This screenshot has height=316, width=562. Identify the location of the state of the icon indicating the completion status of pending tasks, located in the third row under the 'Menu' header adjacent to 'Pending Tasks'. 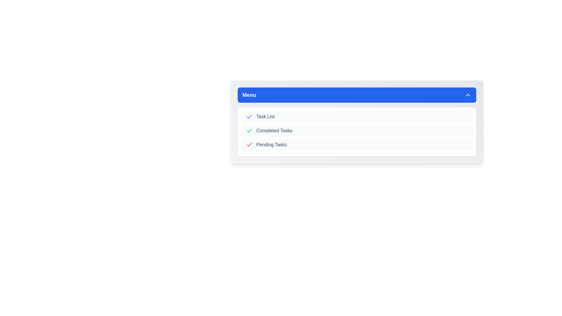
(249, 144).